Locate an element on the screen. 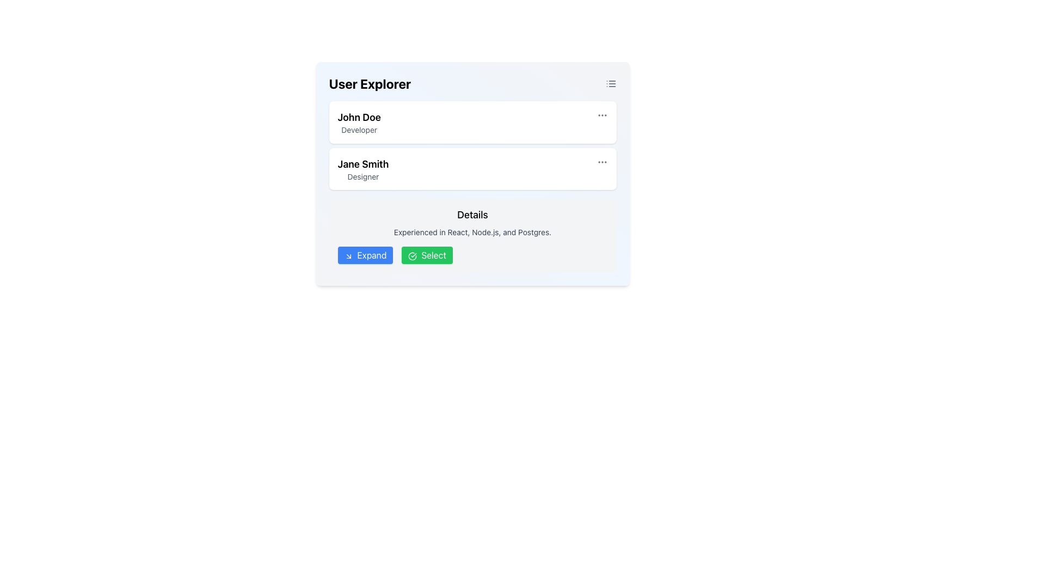  the confirmation icon located to the left of the 'Select' button in the 'Details' card is located at coordinates (412, 256).